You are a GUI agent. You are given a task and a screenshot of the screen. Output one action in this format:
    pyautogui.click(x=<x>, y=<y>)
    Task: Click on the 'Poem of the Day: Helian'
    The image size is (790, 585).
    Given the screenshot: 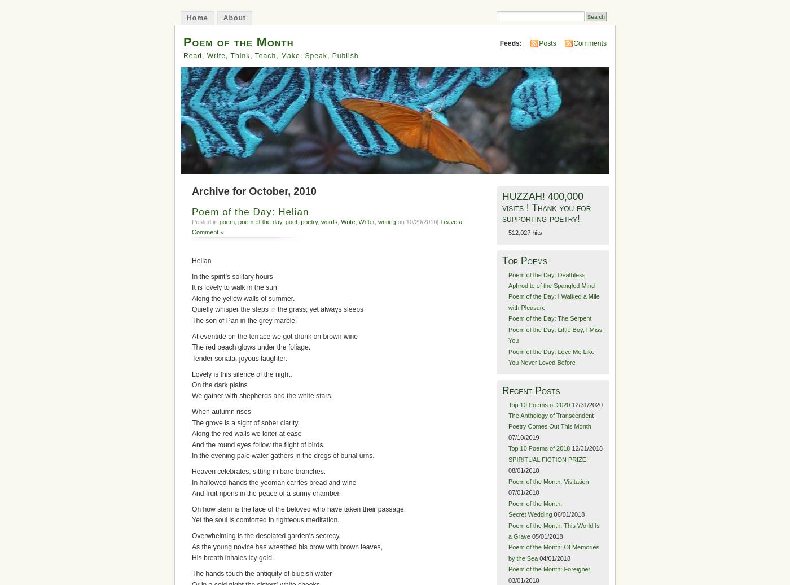 What is the action you would take?
    pyautogui.click(x=192, y=211)
    